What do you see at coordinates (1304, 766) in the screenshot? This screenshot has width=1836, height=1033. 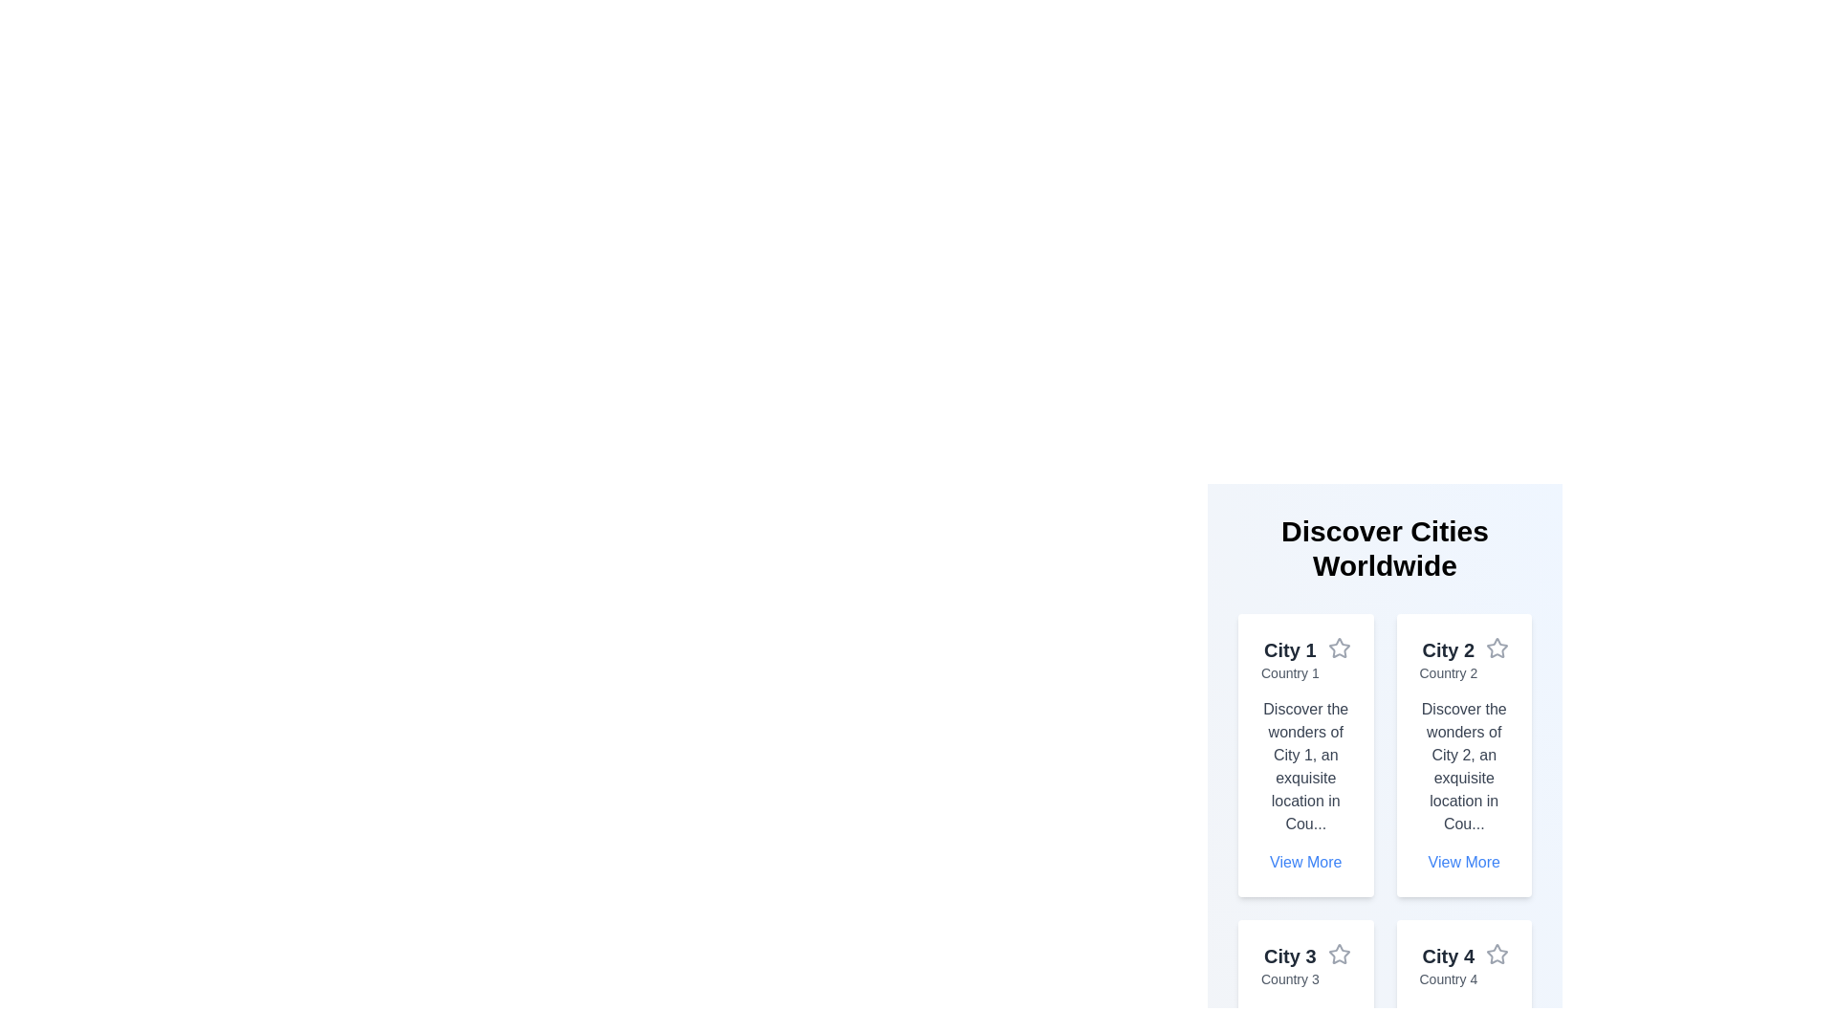 I see `the descriptive text element located under the title 'City 1' and above the button labeled 'View More'` at bounding box center [1304, 766].